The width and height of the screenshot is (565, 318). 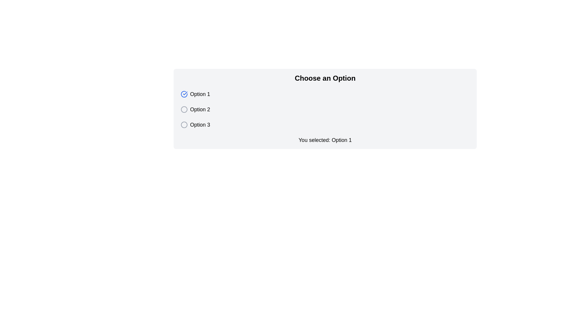 I want to click on the label representing the second option in the list, which is positioned to the right of a circle icon, so click(x=200, y=109).